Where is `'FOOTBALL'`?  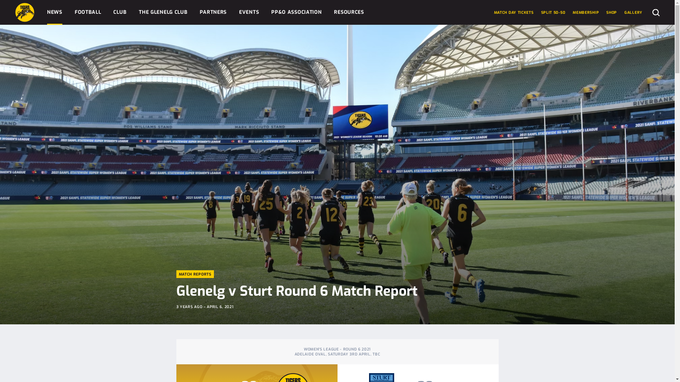 'FOOTBALL' is located at coordinates (87, 12).